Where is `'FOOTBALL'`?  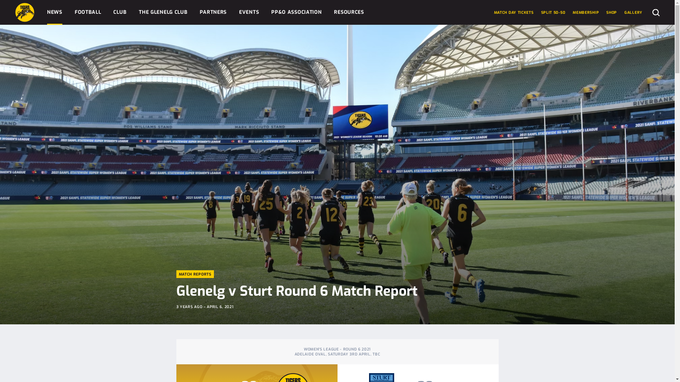 'FOOTBALL' is located at coordinates (87, 12).